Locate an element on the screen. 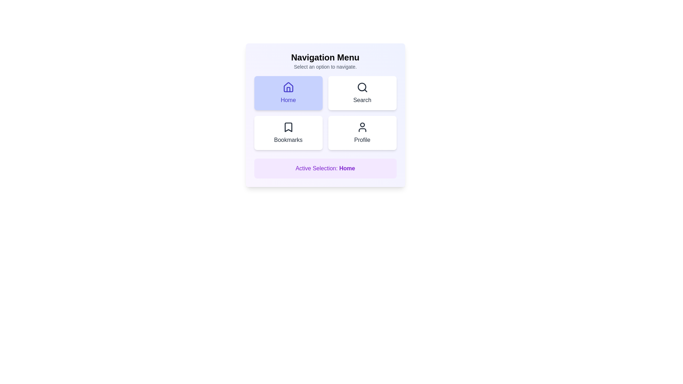 The width and height of the screenshot is (683, 384). the menu item Home is located at coordinates (288, 93).